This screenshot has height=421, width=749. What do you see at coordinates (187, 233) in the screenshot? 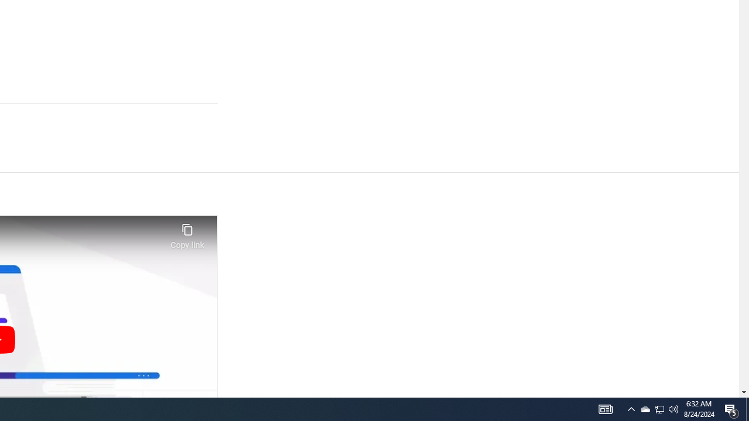
I see `'Copy link'` at bounding box center [187, 233].